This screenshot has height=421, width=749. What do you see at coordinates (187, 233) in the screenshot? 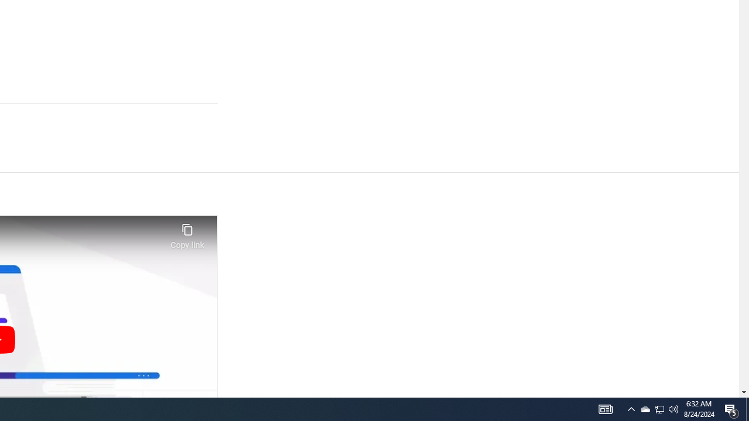
I see `'Copy link'` at bounding box center [187, 233].